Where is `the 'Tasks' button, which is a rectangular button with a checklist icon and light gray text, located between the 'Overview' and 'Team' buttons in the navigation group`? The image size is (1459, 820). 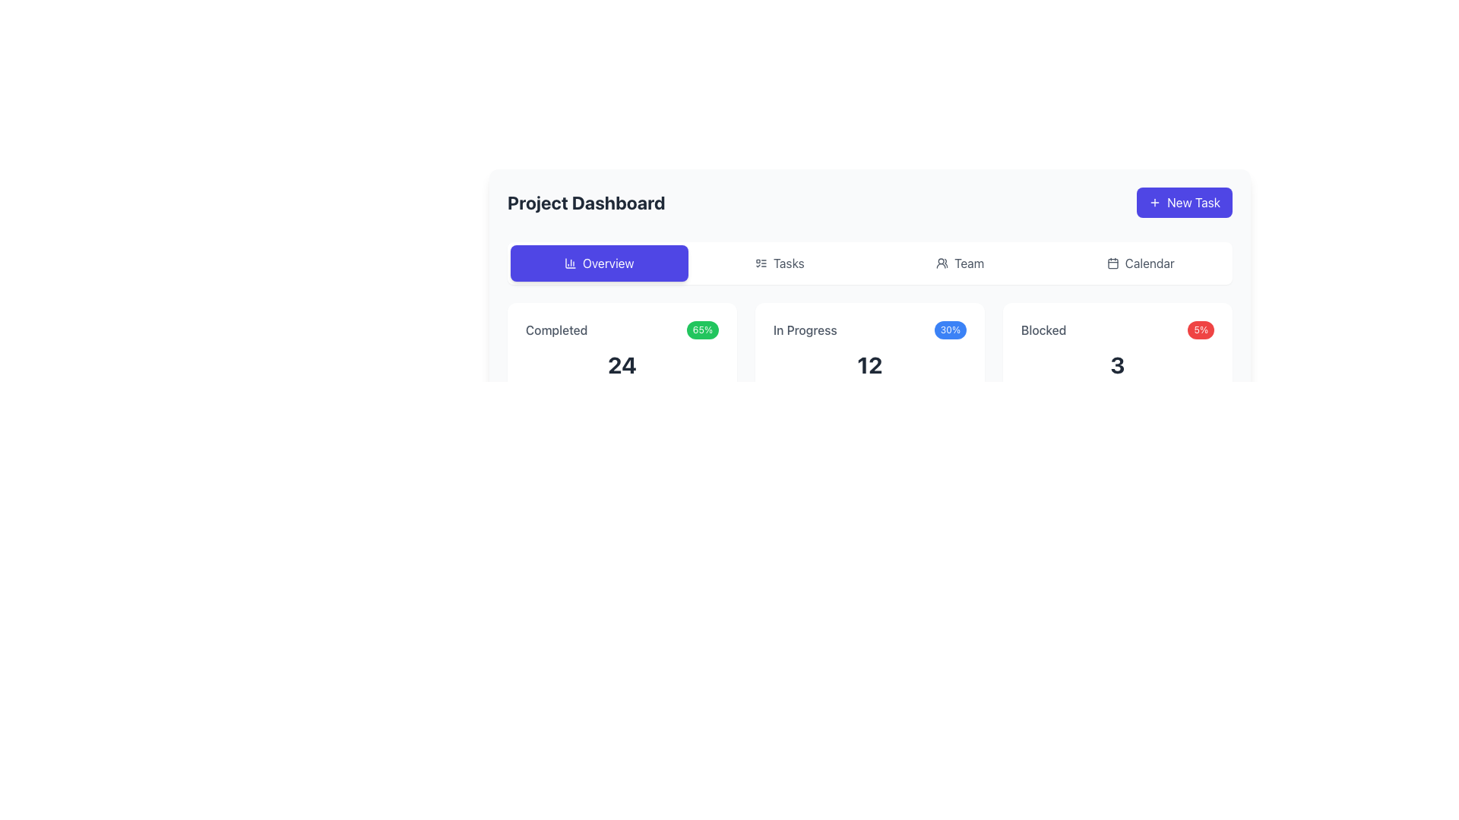 the 'Tasks' button, which is a rectangular button with a checklist icon and light gray text, located between the 'Overview' and 'Team' buttons in the navigation group is located at coordinates (780, 263).